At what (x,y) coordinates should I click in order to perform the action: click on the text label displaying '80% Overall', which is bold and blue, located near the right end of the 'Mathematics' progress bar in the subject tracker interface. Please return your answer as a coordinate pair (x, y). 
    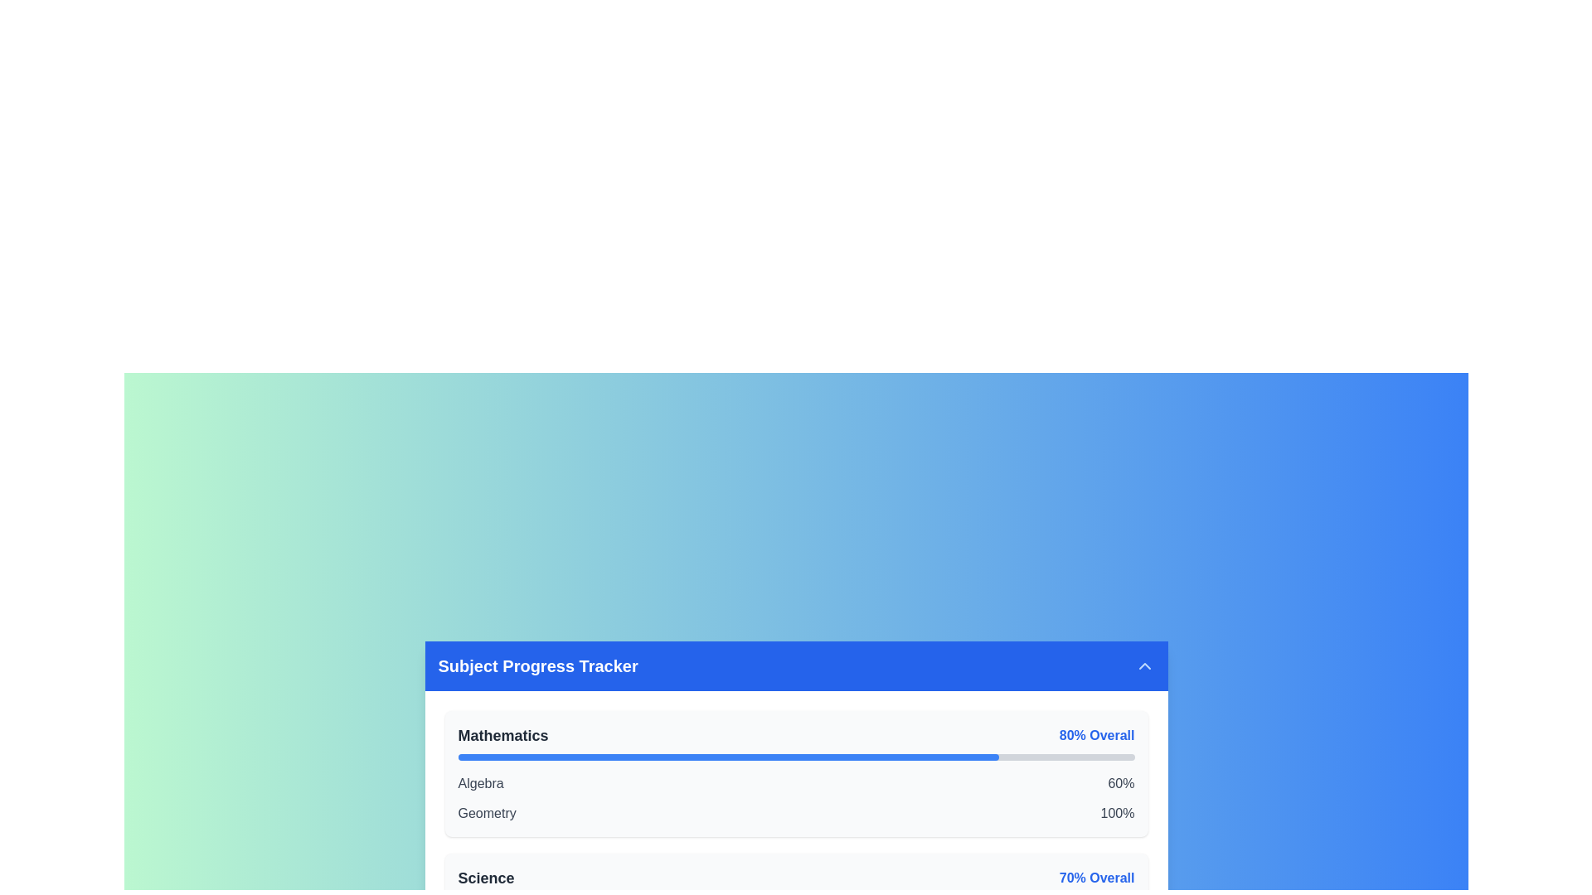
    Looking at the image, I should click on (1097, 734).